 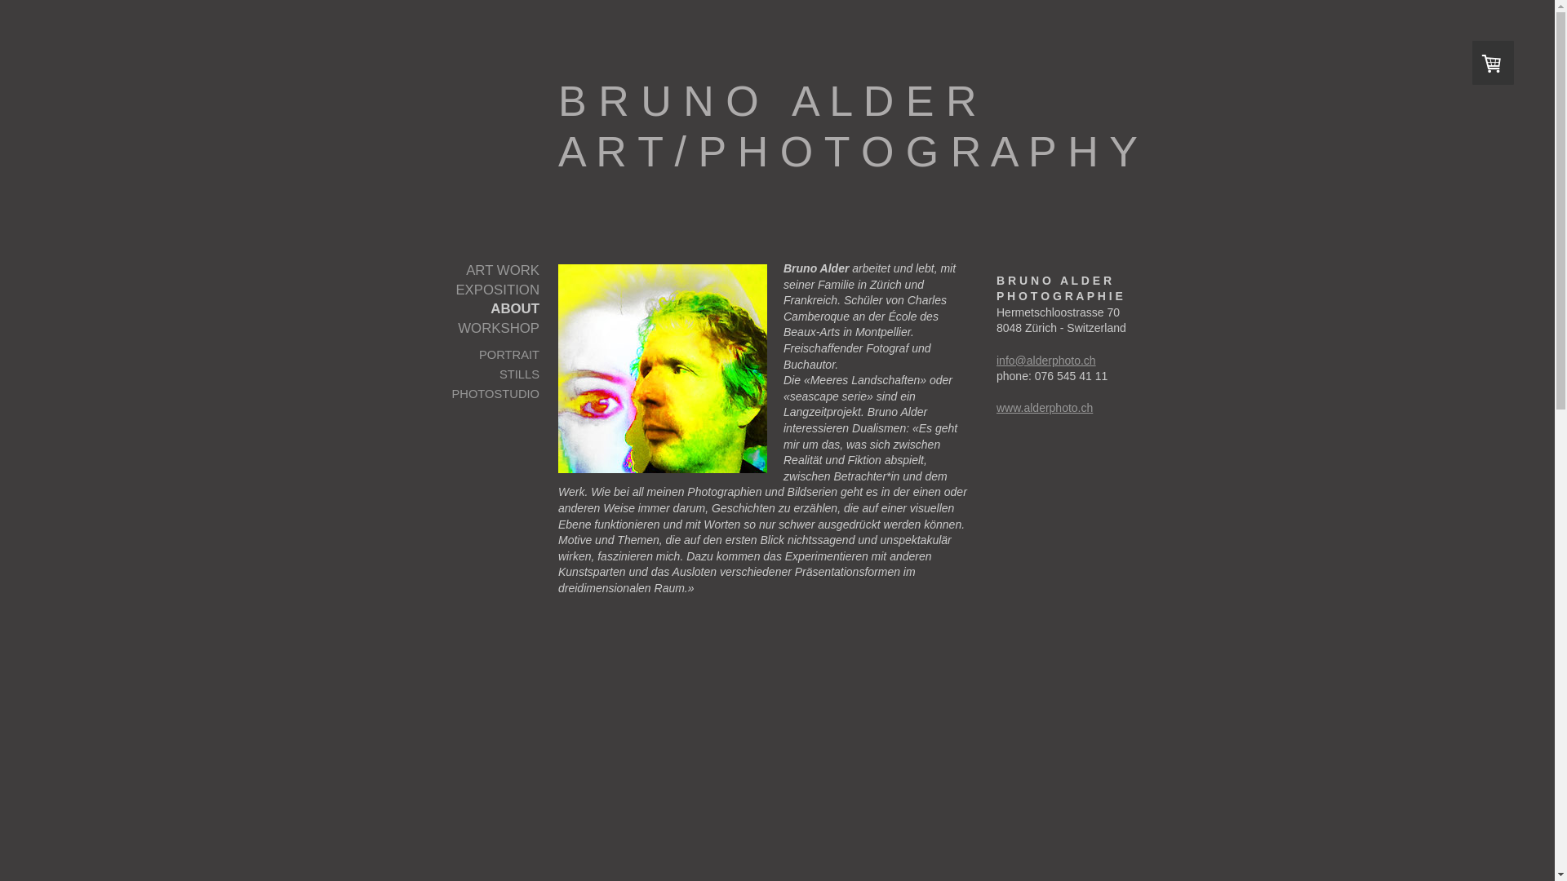 What do you see at coordinates (468, 269) in the screenshot?
I see `'ART WORK'` at bounding box center [468, 269].